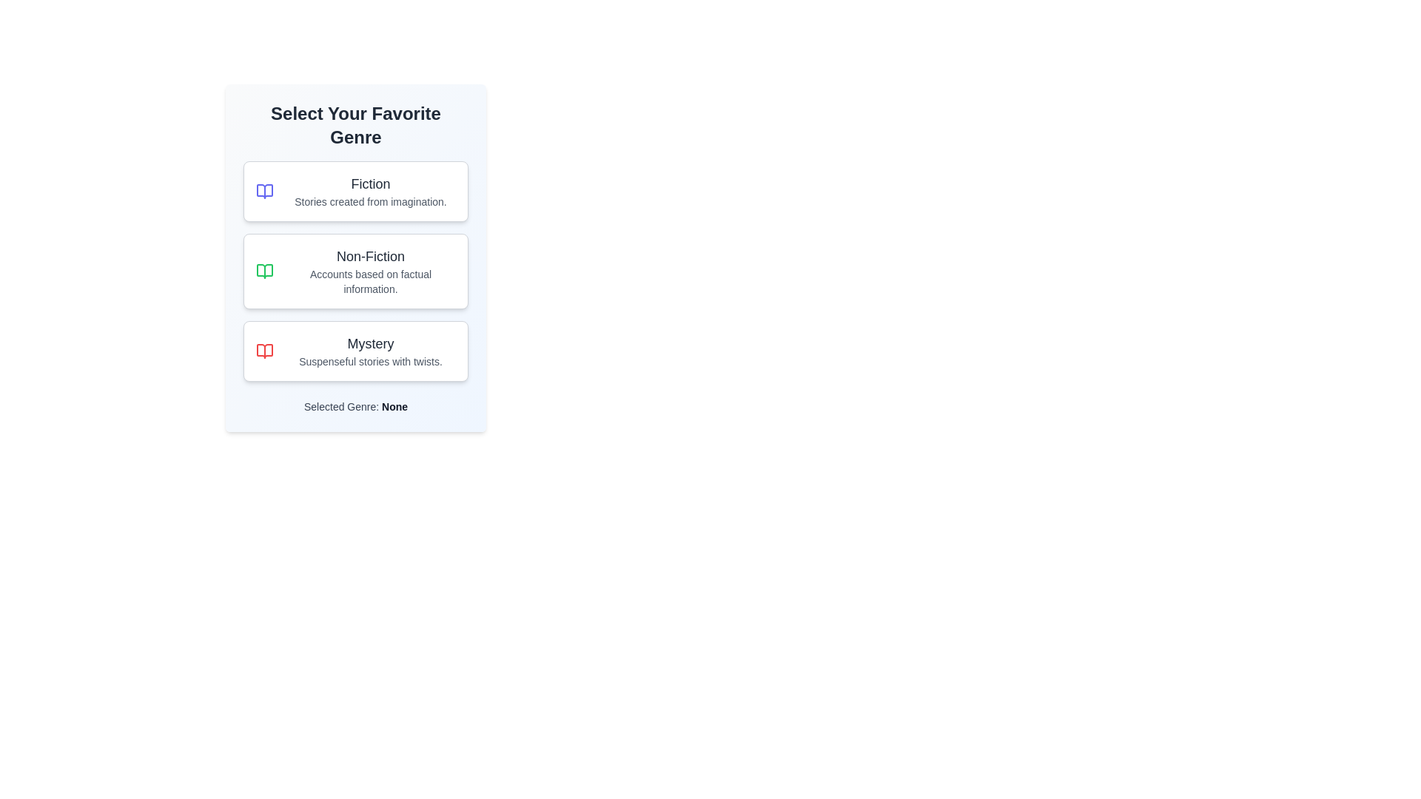 This screenshot has height=799, width=1421. Describe the element at coordinates (370, 351) in the screenshot. I see `description of the 'Mystery' category text display component located in the third selectable option of the vertical list, positioned beneath 'Non-Fiction'` at that location.